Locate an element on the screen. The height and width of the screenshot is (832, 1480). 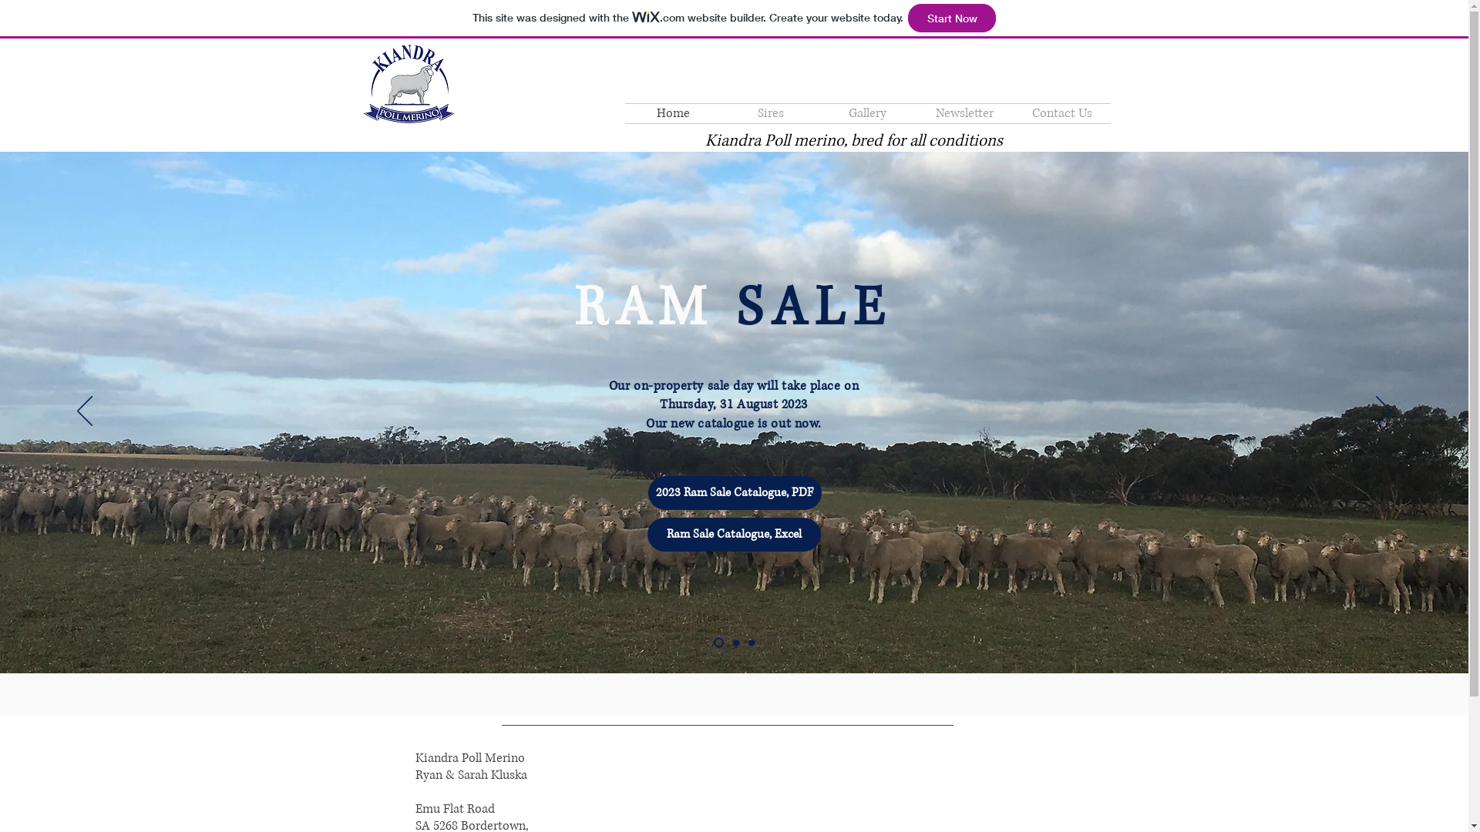
'Ram Sale Catalogue, Excel' is located at coordinates (647, 534).